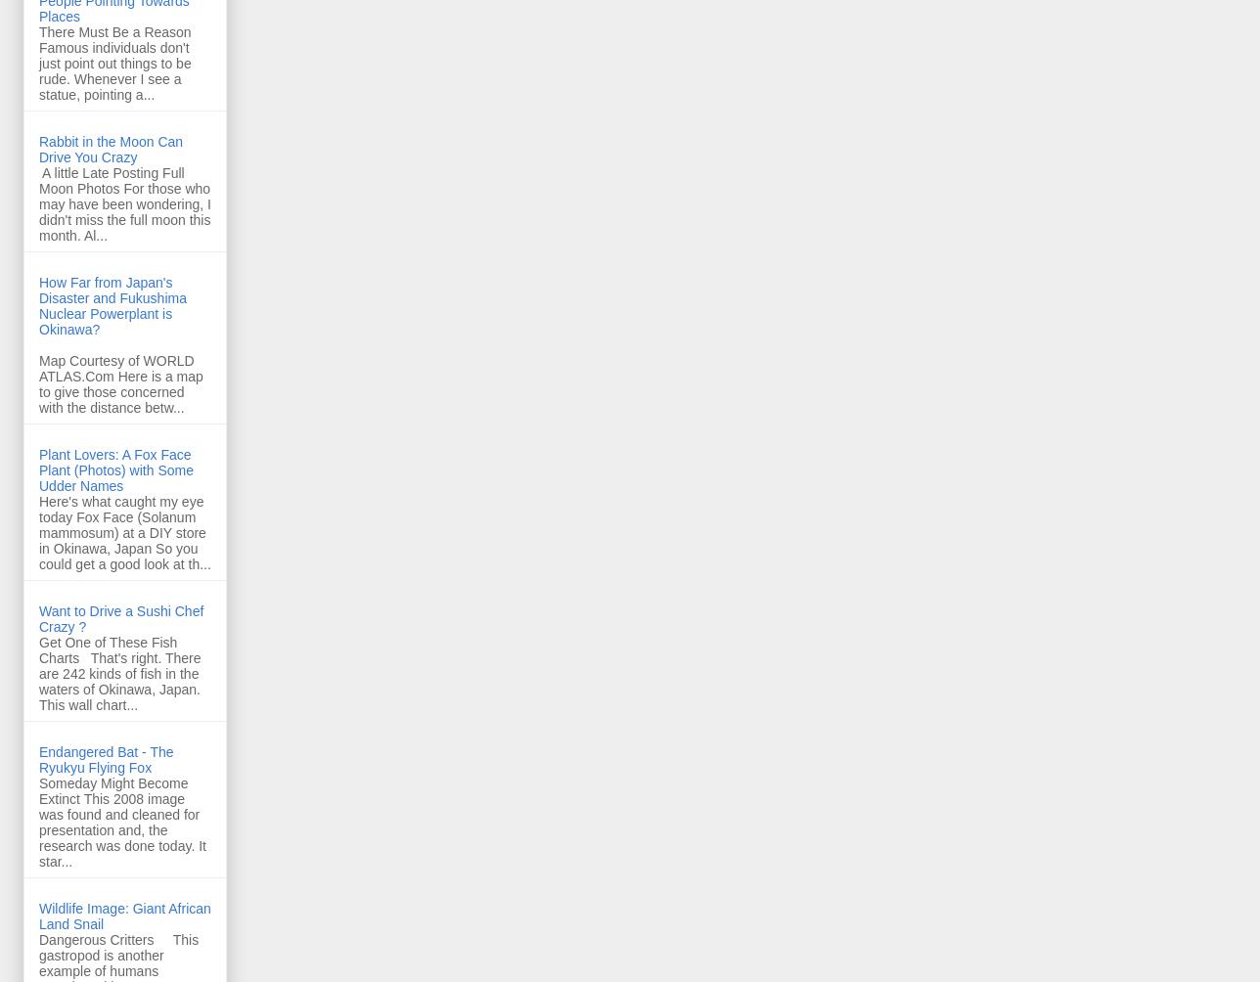 The height and width of the screenshot is (982, 1260). What do you see at coordinates (122, 62) in the screenshot?
I see `'There Must Be a Reason               Famous individuals don't just point out things to be rude.     Whenever I see a statue, pointing a...'` at bounding box center [122, 62].